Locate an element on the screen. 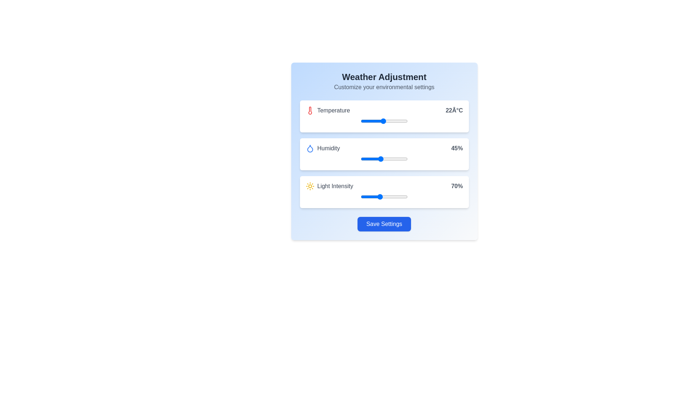 Image resolution: width=699 pixels, height=393 pixels. the temperature icon located to the left of the 'Temperature' text label in the first row of the weather adjustment settings list is located at coordinates (310, 111).